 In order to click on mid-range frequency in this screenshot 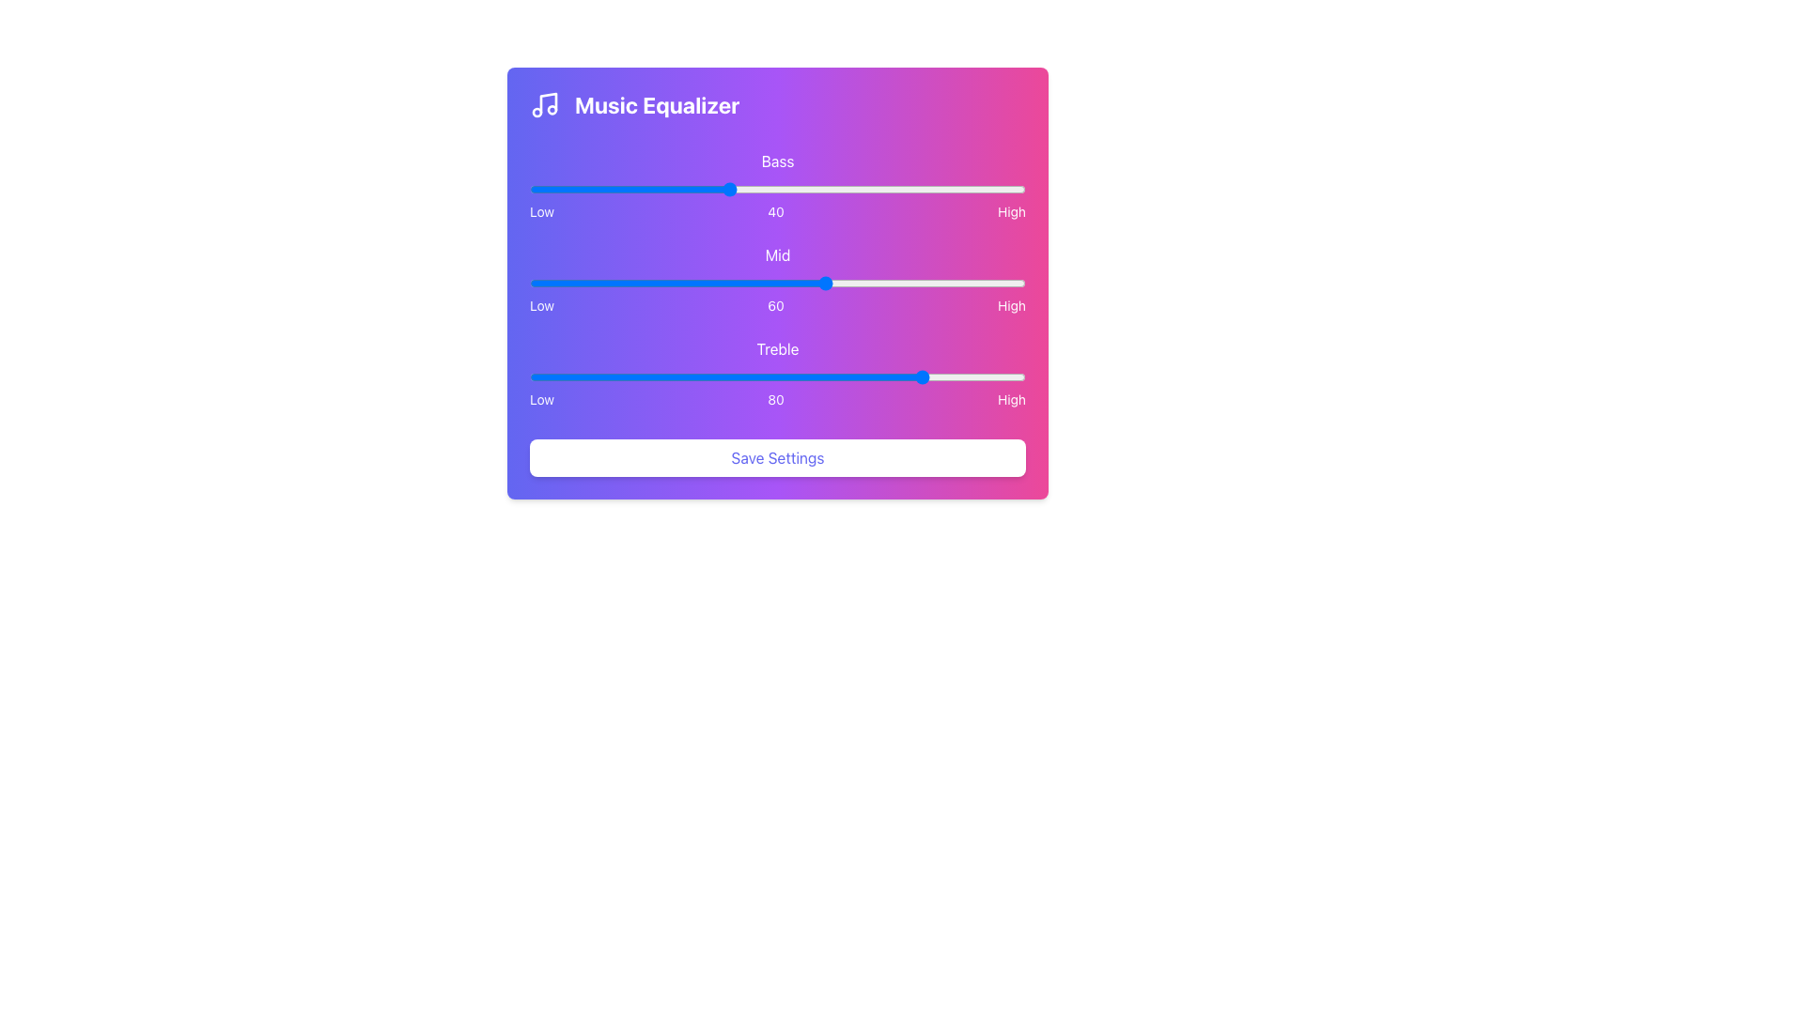, I will do `click(549, 283)`.